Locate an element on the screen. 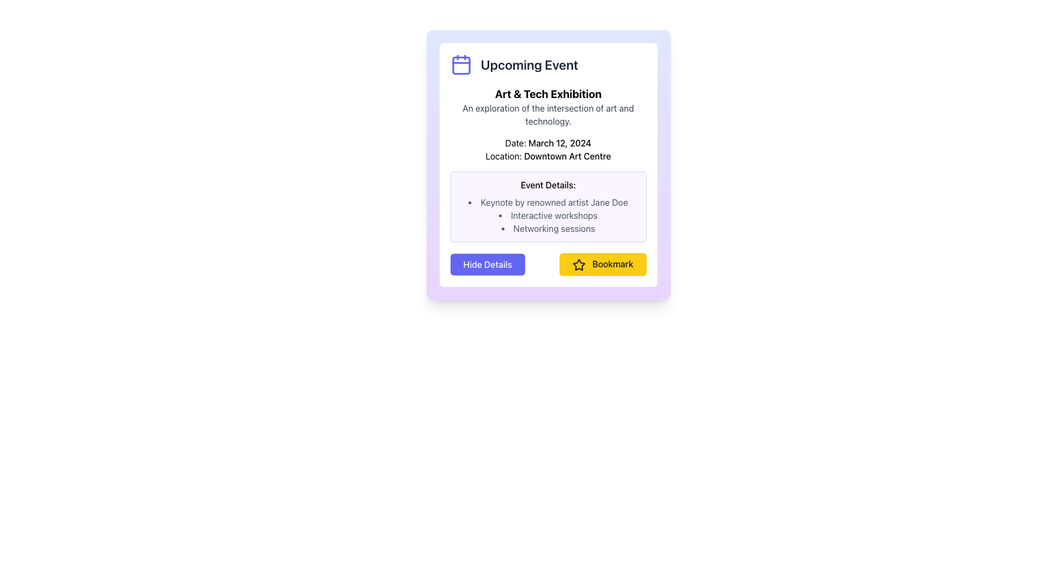  the yellow rectangular button labeled 'Bookmark' with a black outlined star icon is located at coordinates (602, 264).